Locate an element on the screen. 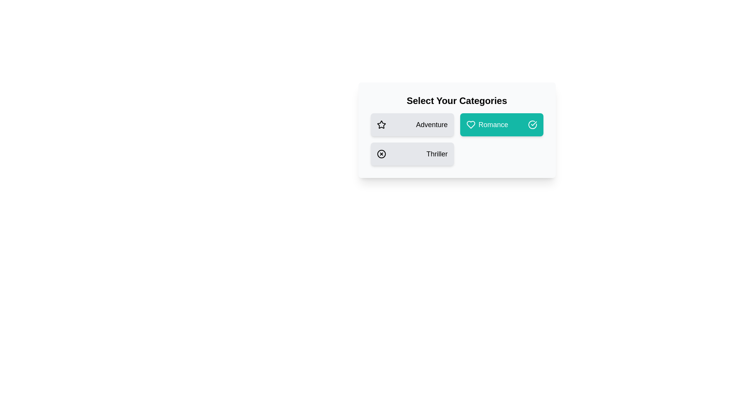 The image size is (740, 416). the icon for the category Thriller is located at coordinates (381, 154).